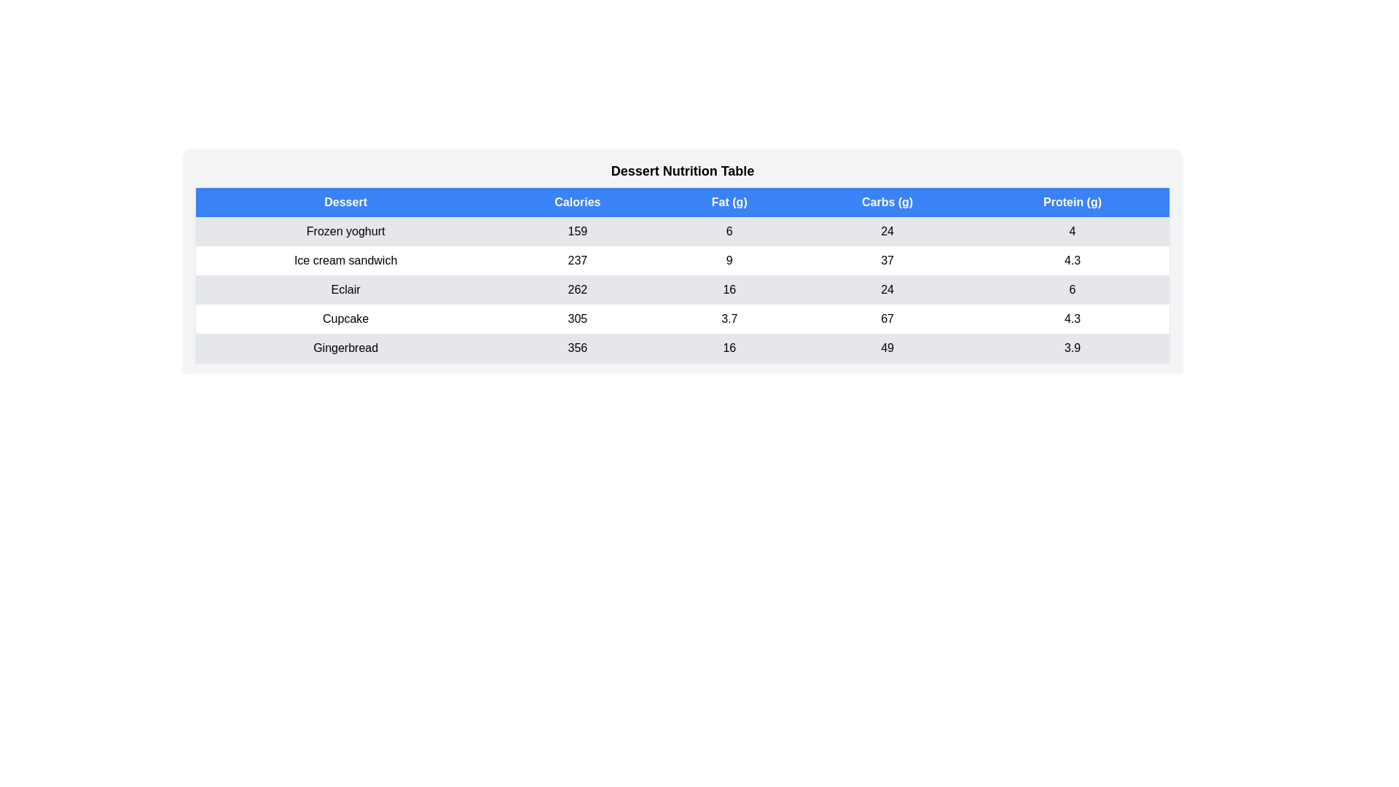 This screenshot has height=787, width=1399. I want to click on the row corresponding to Cupcake, so click(681, 318).